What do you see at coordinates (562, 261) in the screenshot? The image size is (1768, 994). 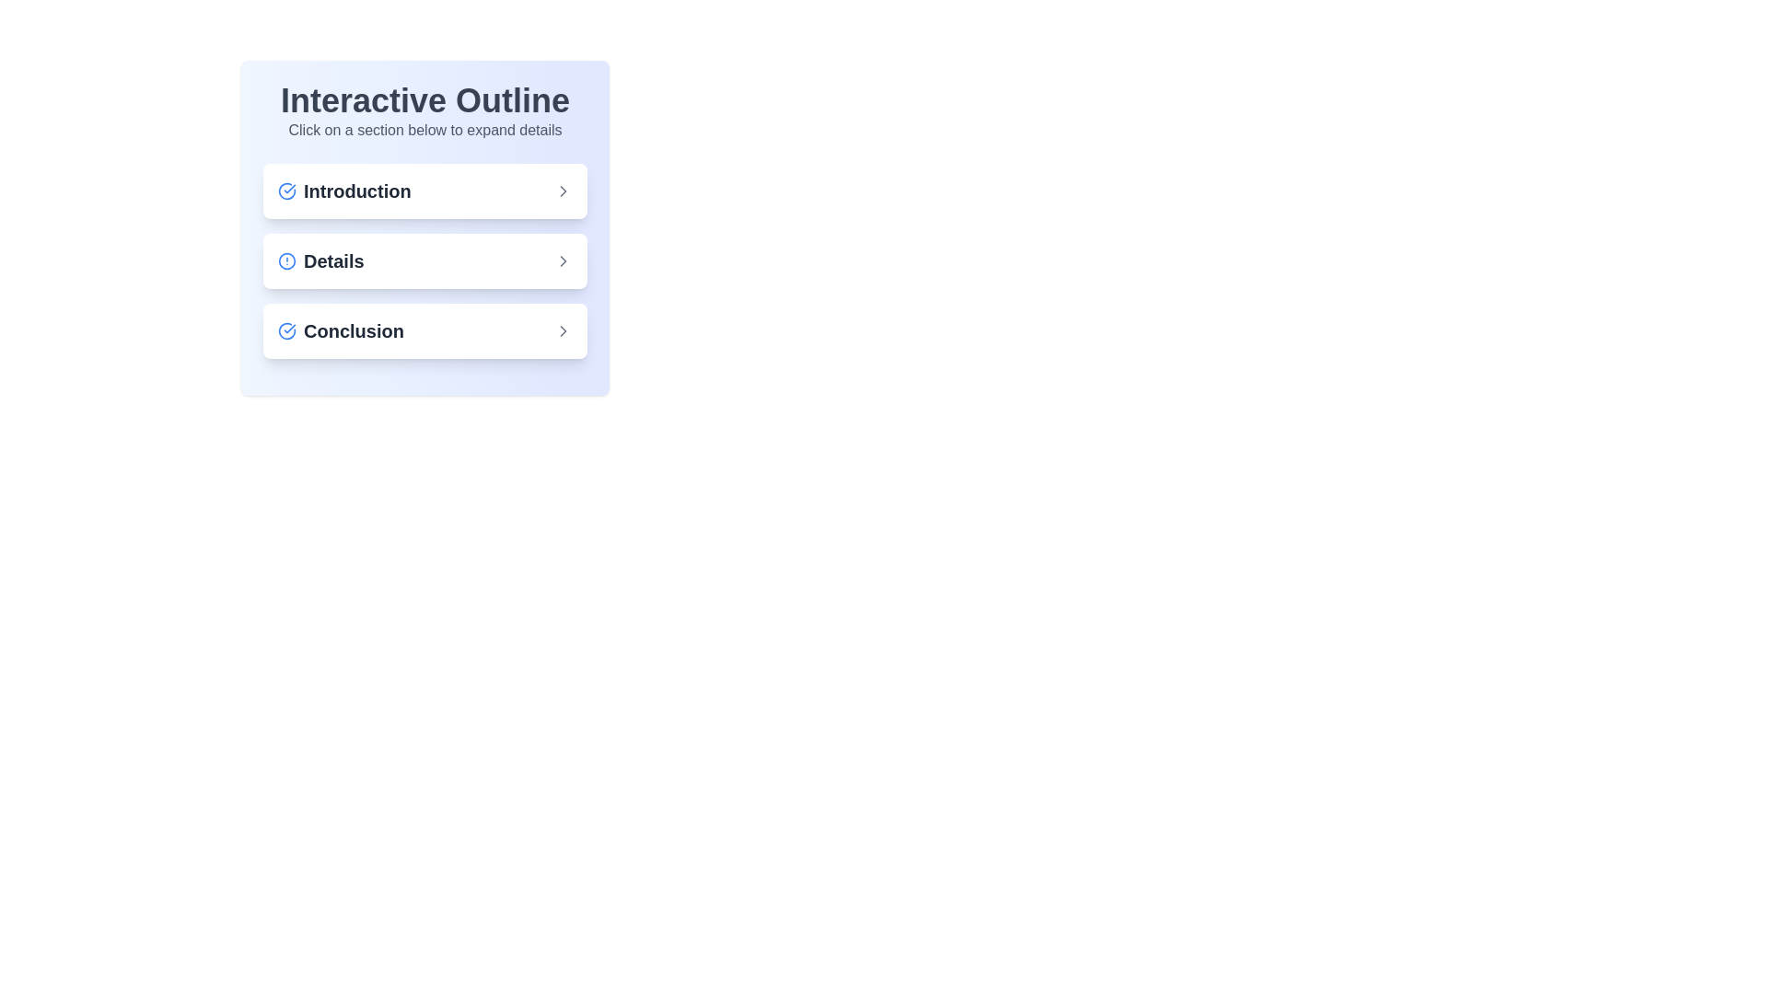 I see `the right-facing gray chevron icon located at the far right of the 'Details' section` at bounding box center [562, 261].